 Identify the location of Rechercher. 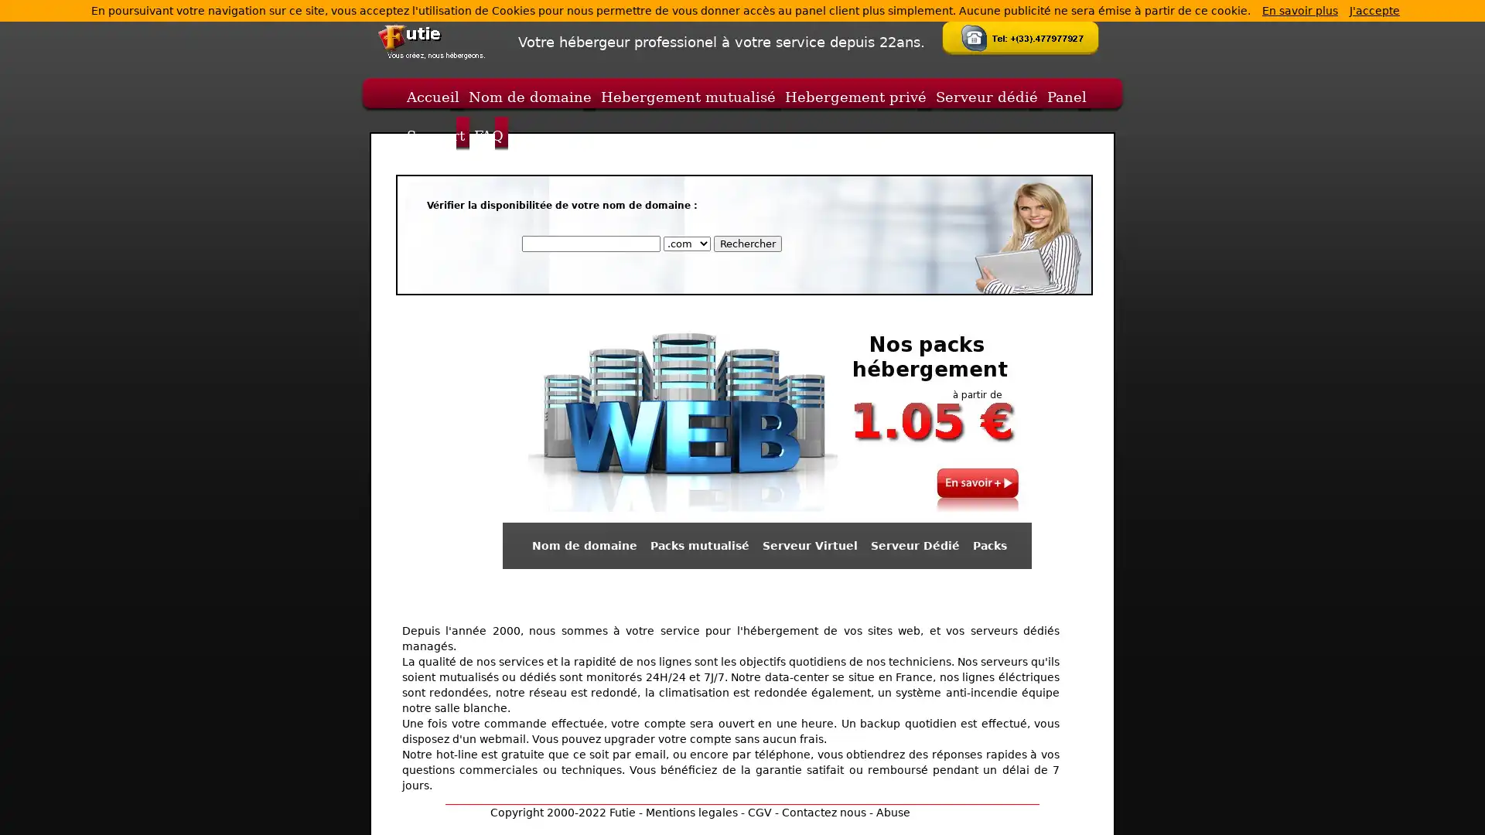
(746, 244).